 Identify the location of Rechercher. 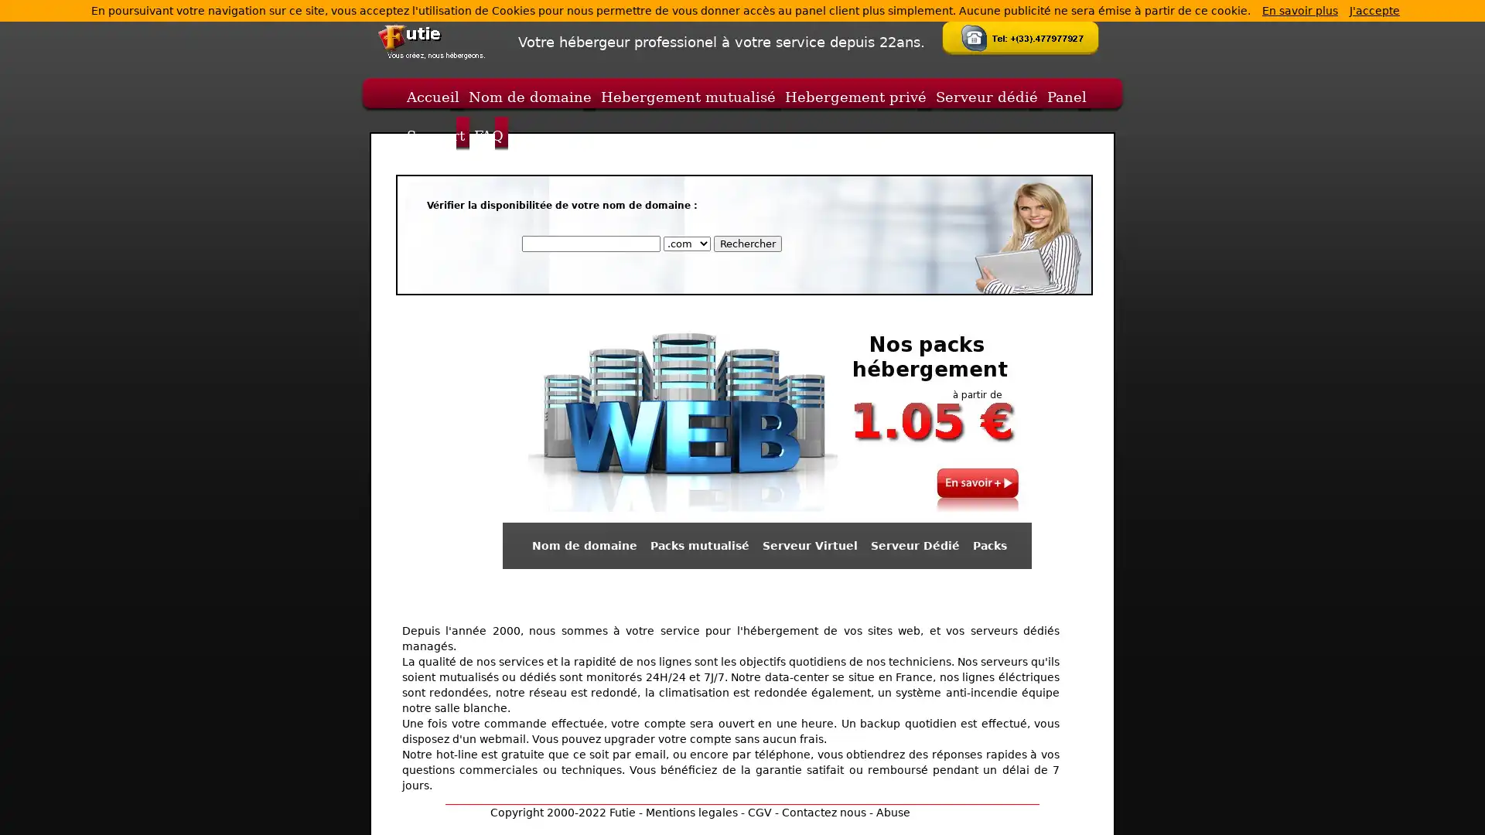
(746, 244).